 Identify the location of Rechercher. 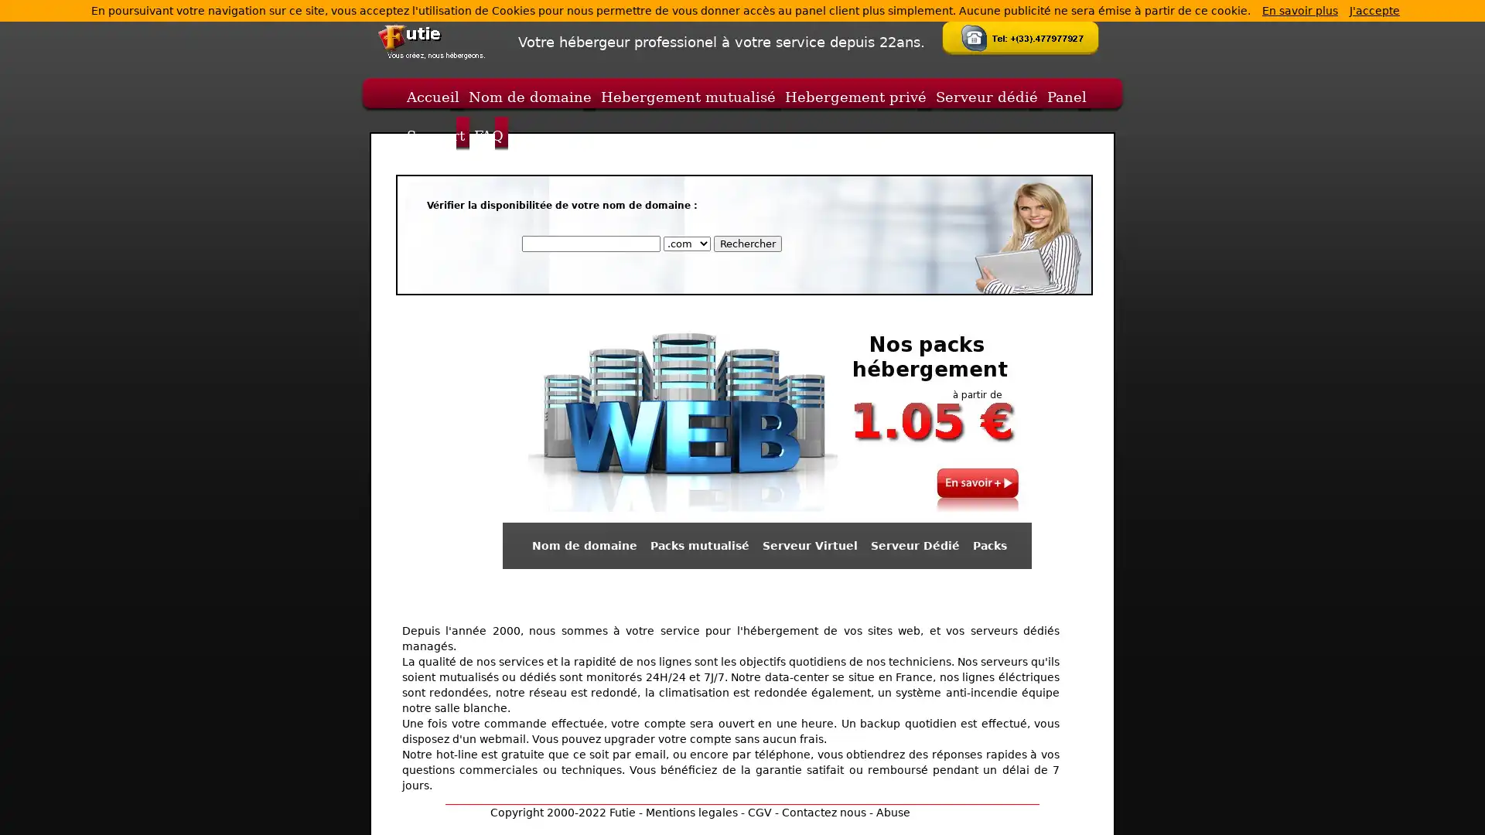
(746, 244).